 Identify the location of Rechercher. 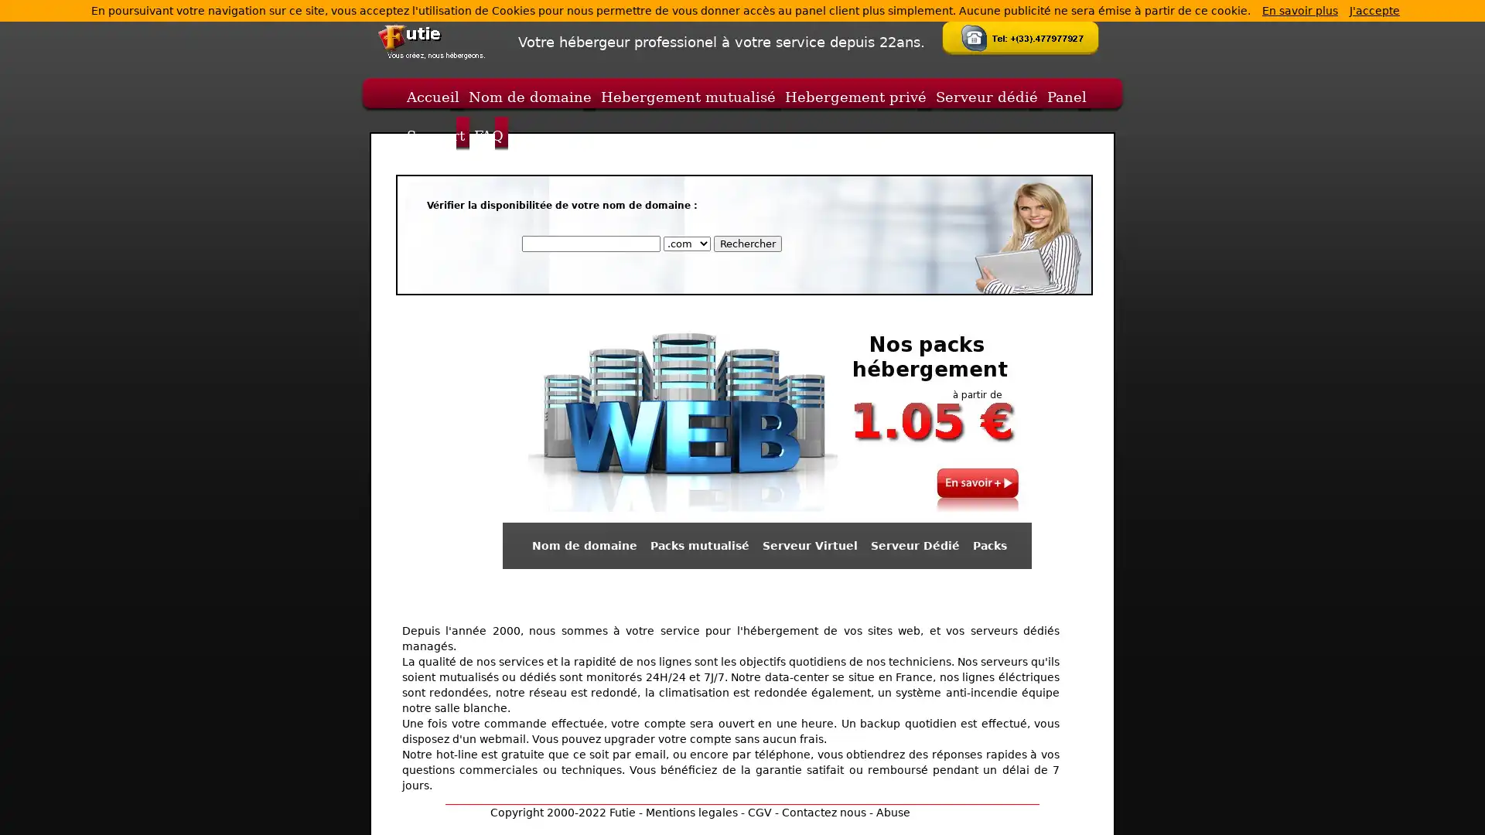
(746, 244).